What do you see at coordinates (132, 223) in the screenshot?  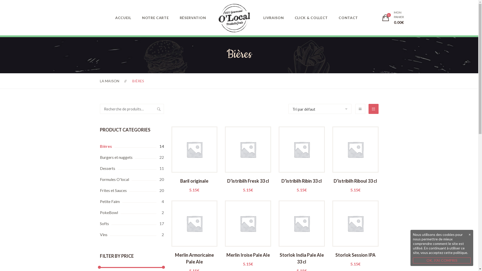 I see `'Softs'` at bounding box center [132, 223].